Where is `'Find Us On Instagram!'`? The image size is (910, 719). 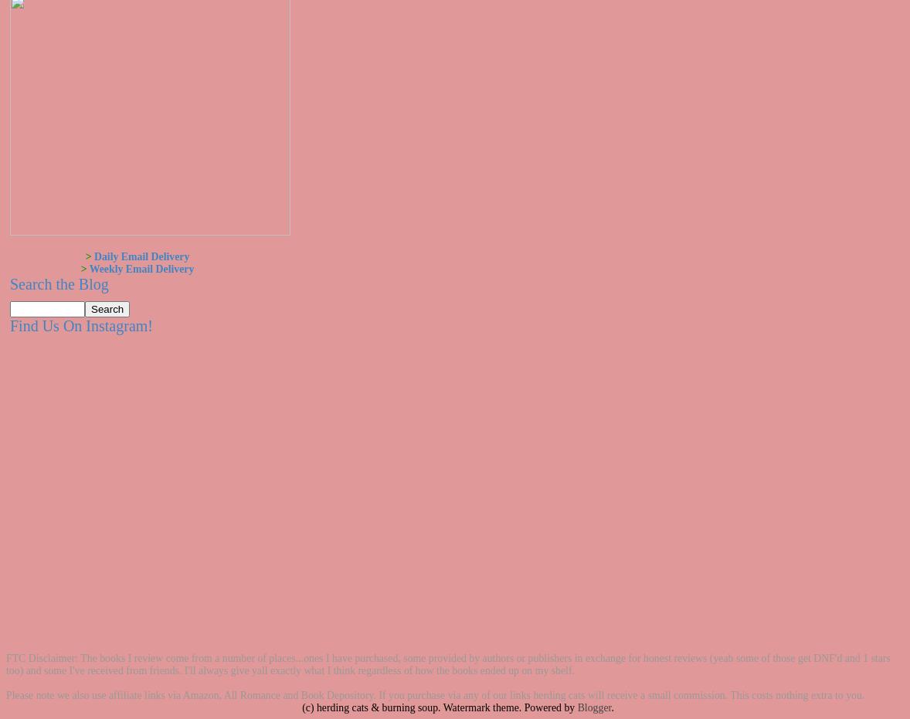
'Find Us On Instagram!' is located at coordinates (80, 325).